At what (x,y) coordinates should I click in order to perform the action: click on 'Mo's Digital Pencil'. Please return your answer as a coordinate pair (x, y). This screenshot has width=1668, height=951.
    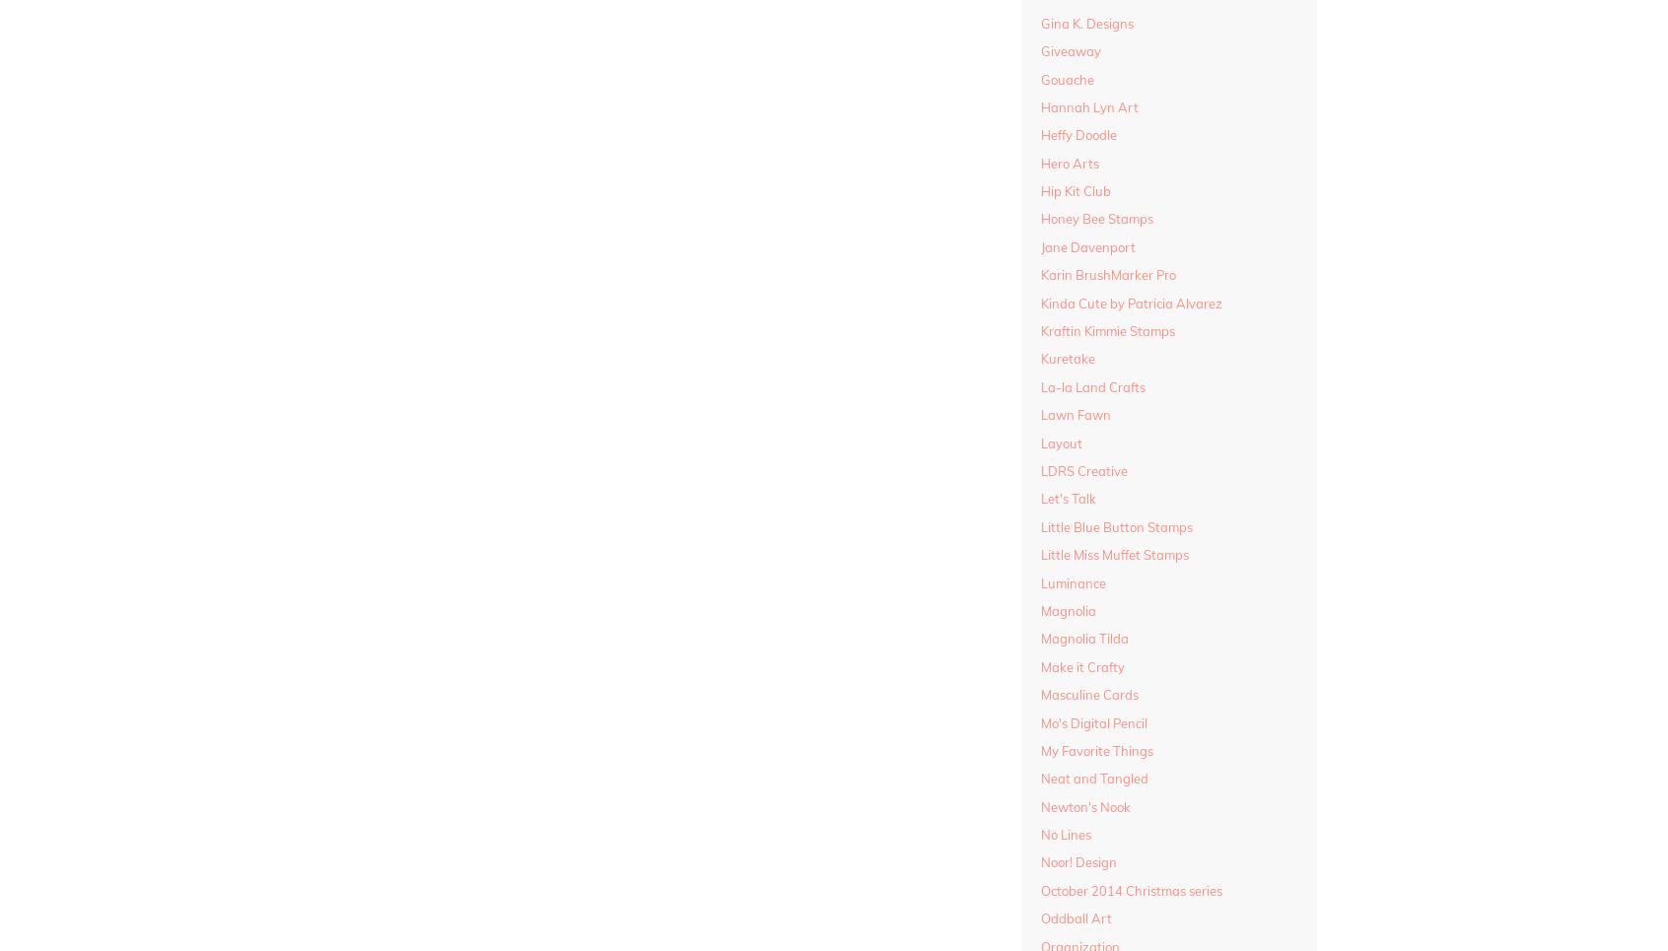
    Looking at the image, I should click on (1038, 722).